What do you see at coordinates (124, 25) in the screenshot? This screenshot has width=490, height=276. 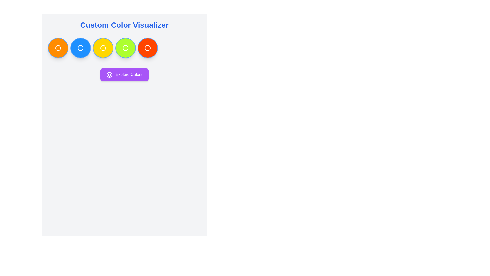 I see `the text element reading 'Custom Color Visualizer' which is prominently displayed in a large, bold, blue font at the top of the interface` at bounding box center [124, 25].